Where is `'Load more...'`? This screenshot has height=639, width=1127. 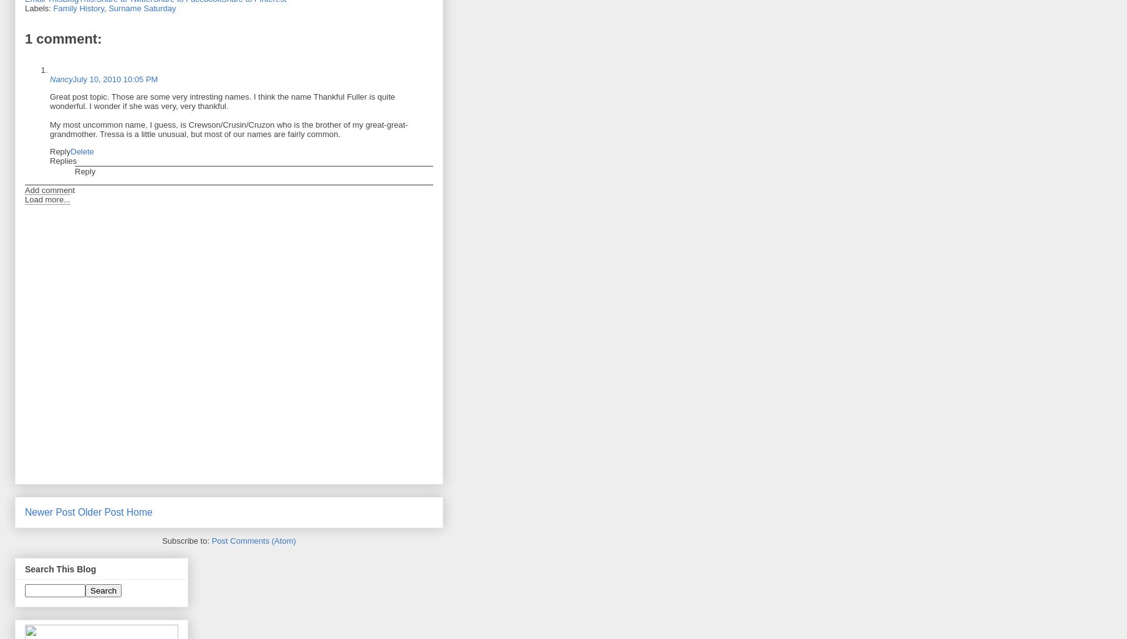 'Load more...' is located at coordinates (24, 199).